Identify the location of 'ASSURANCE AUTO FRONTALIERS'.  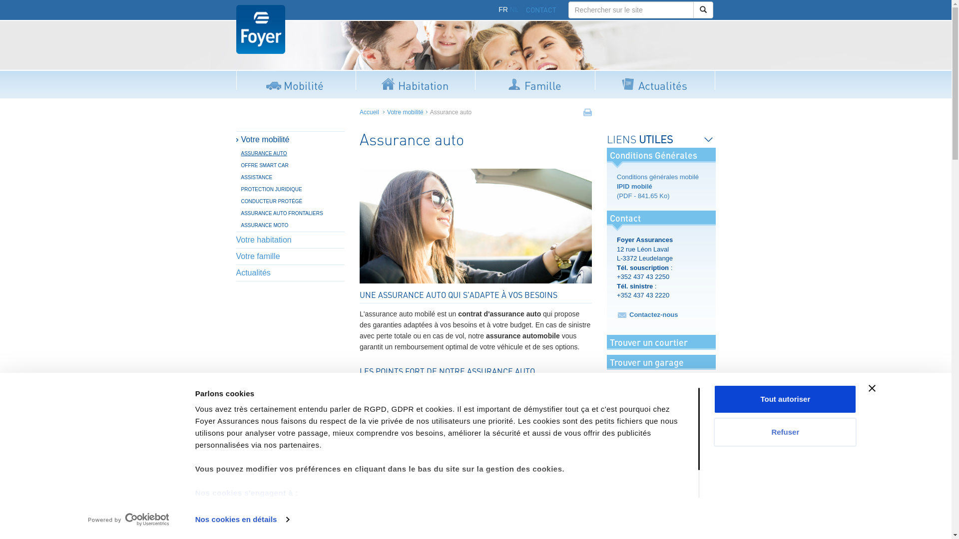
(292, 213).